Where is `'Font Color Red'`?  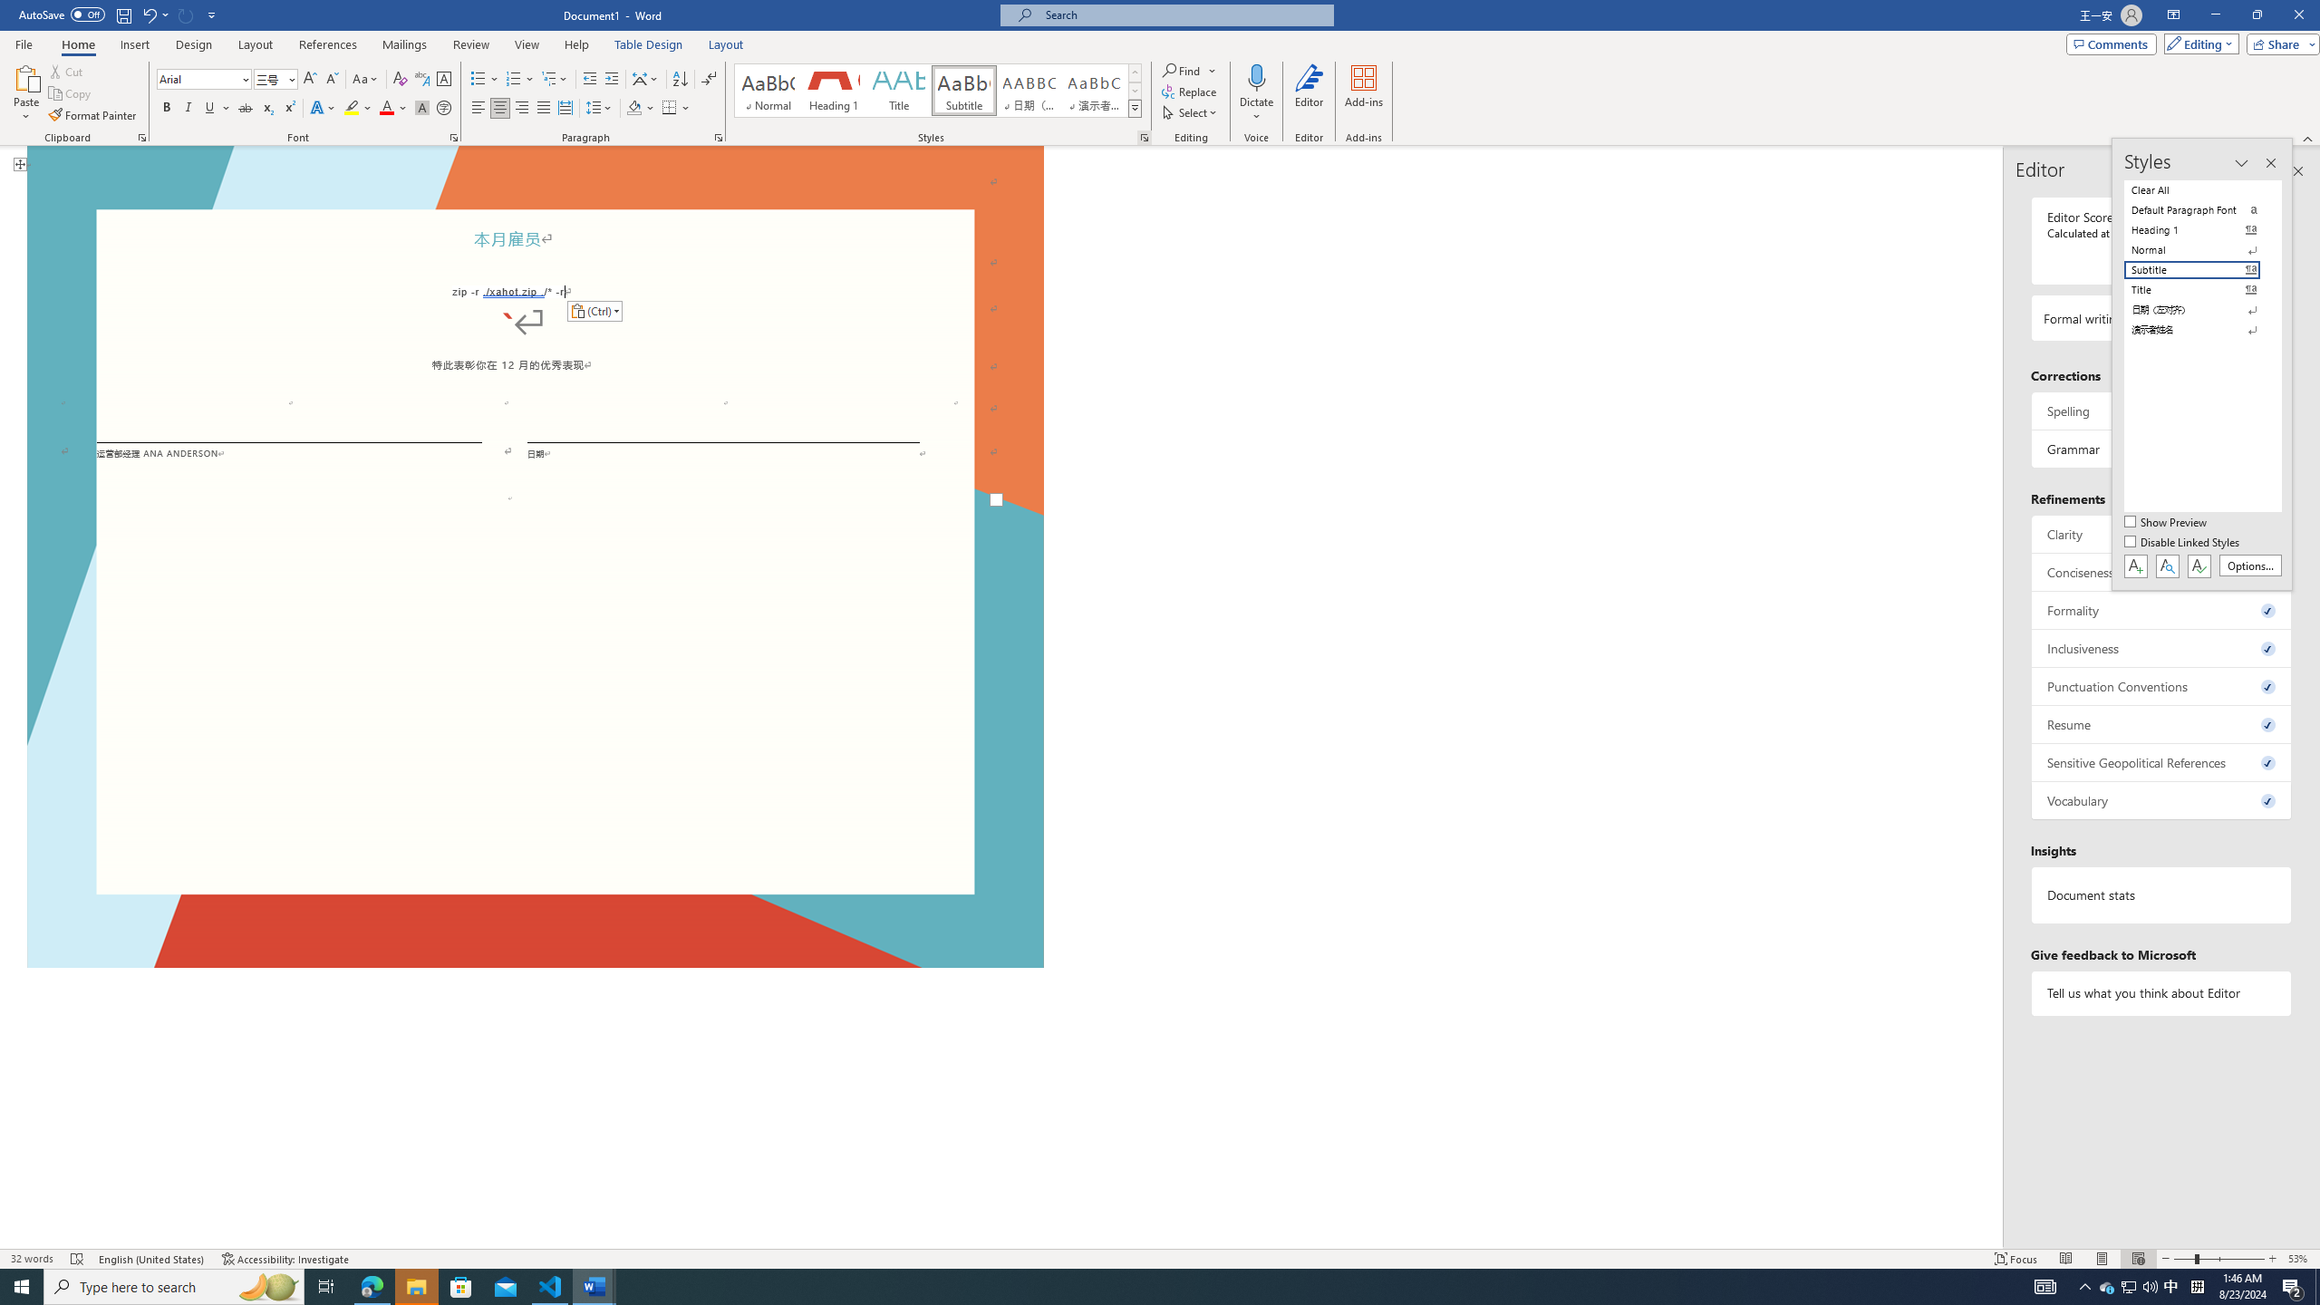
'Font Color Red' is located at coordinates (385, 107).